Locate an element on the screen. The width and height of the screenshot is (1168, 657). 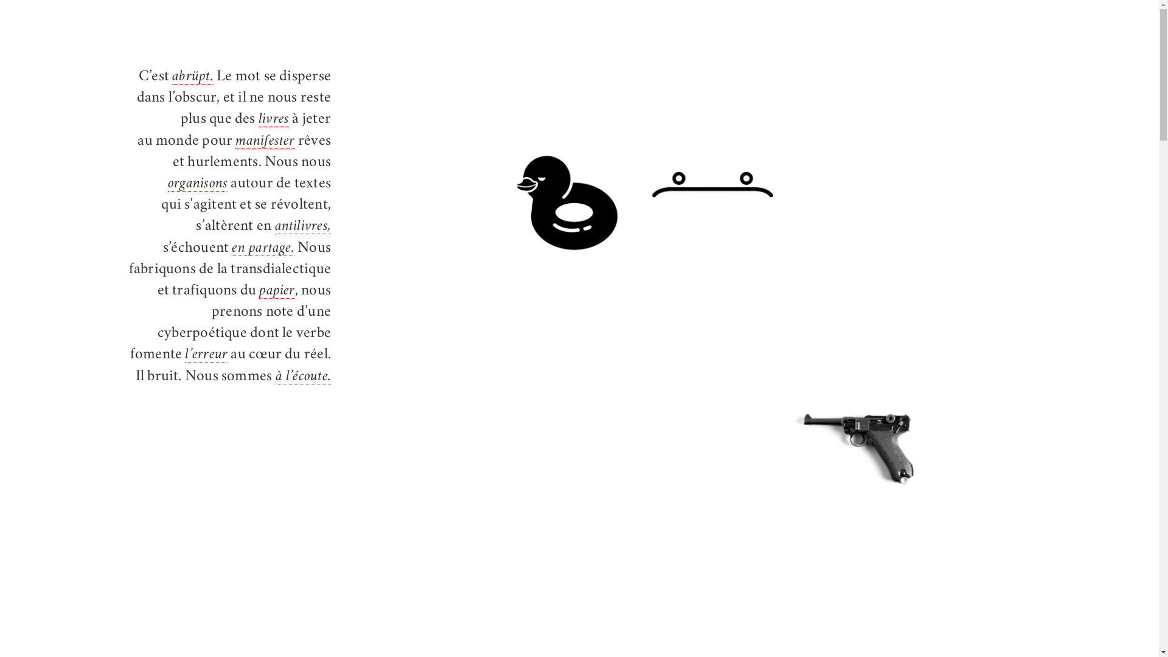
'antilivres,' is located at coordinates (303, 227).